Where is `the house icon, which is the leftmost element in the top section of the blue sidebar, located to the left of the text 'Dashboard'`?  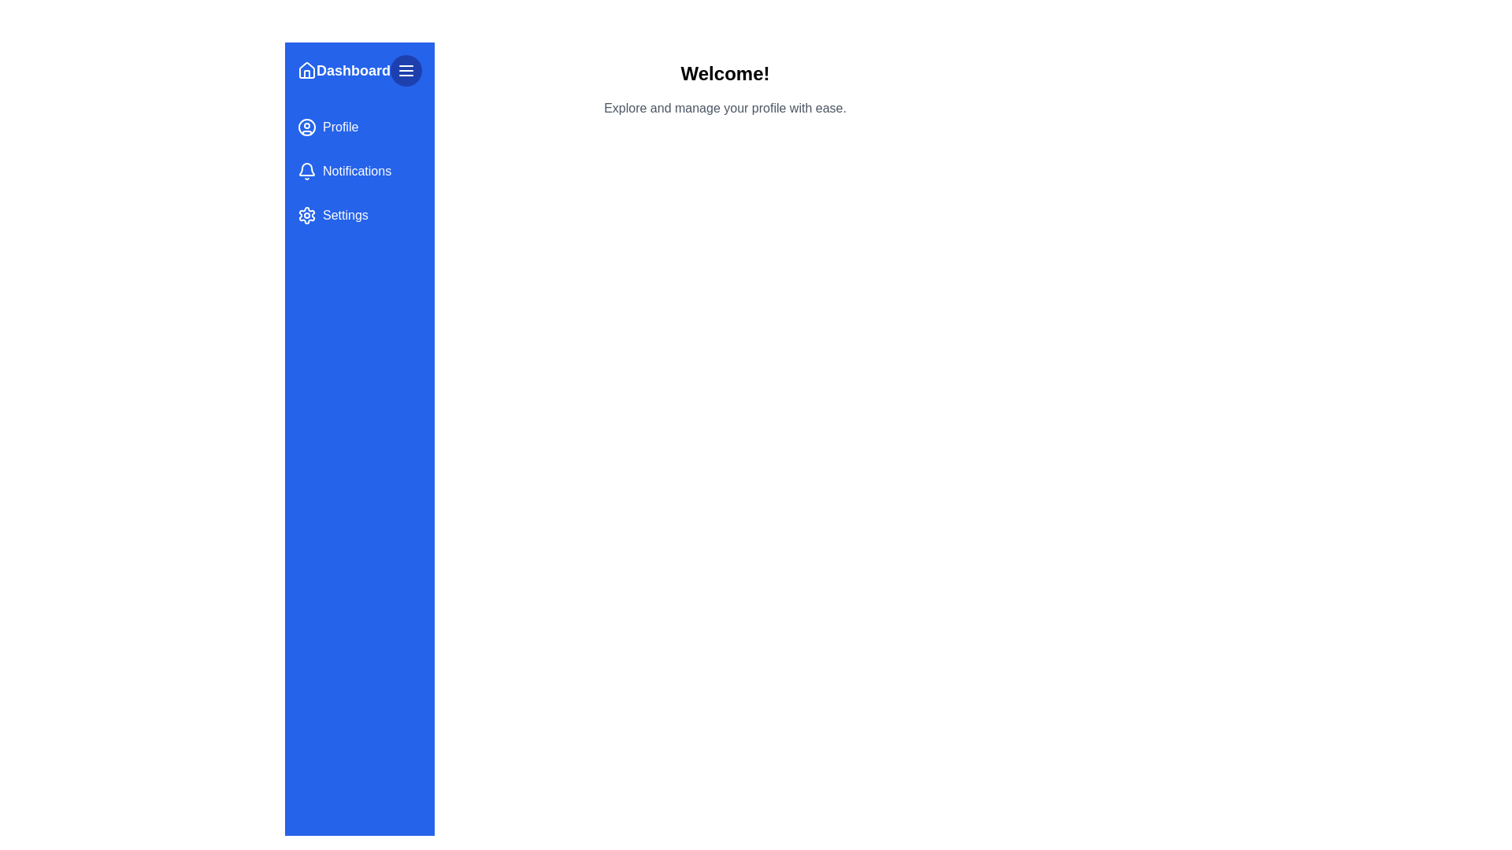
the house icon, which is the leftmost element in the top section of the blue sidebar, located to the left of the text 'Dashboard' is located at coordinates (306, 69).